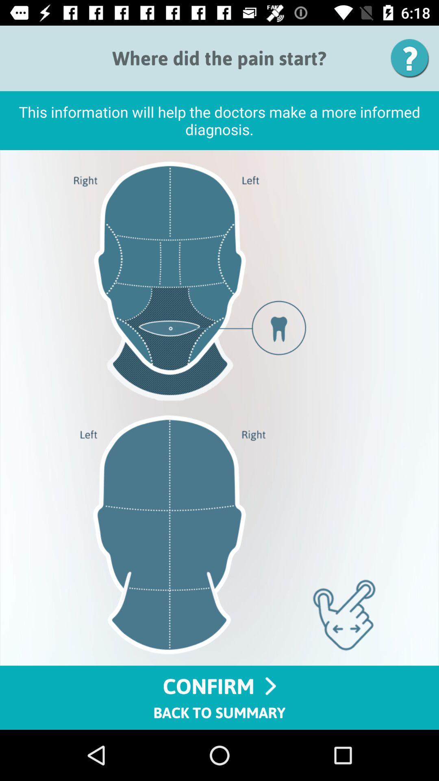 The width and height of the screenshot is (439, 781). Describe the element at coordinates (413, 58) in the screenshot. I see `the help icon` at that location.